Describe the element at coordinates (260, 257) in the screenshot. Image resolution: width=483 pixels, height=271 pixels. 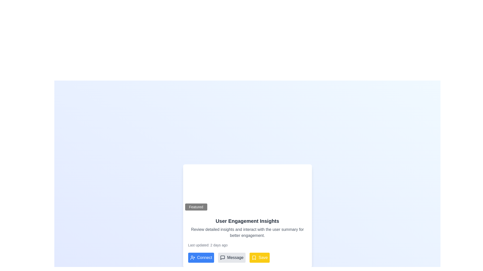
I see `the 'Save' button, which is a vibrant yellow rectangular button with white text and a bookmark icon, located at the bottom of the card layout` at that location.